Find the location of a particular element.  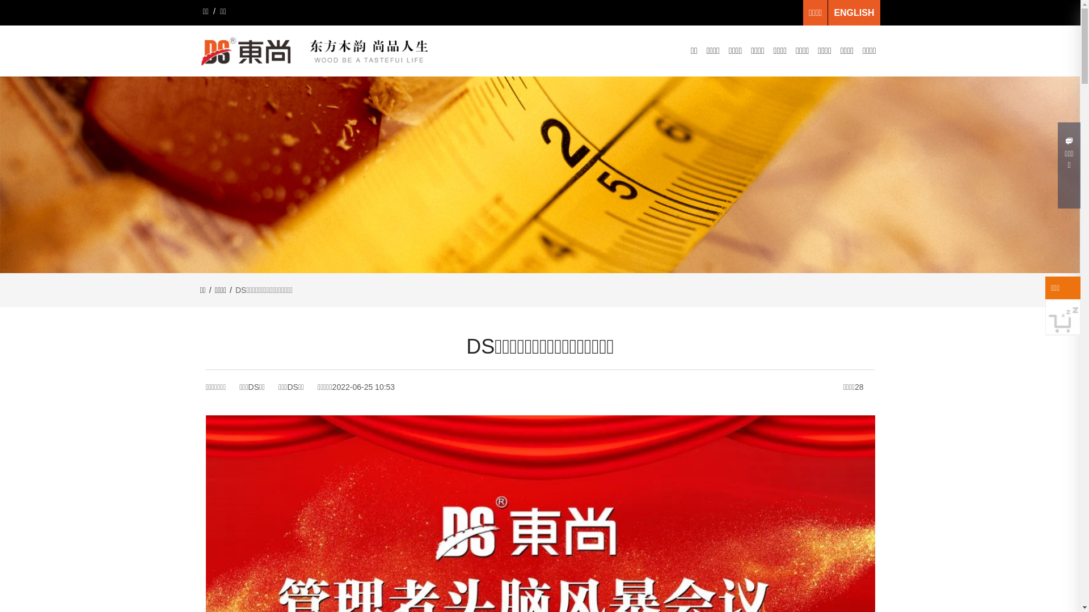

'logo' is located at coordinates (317, 51).